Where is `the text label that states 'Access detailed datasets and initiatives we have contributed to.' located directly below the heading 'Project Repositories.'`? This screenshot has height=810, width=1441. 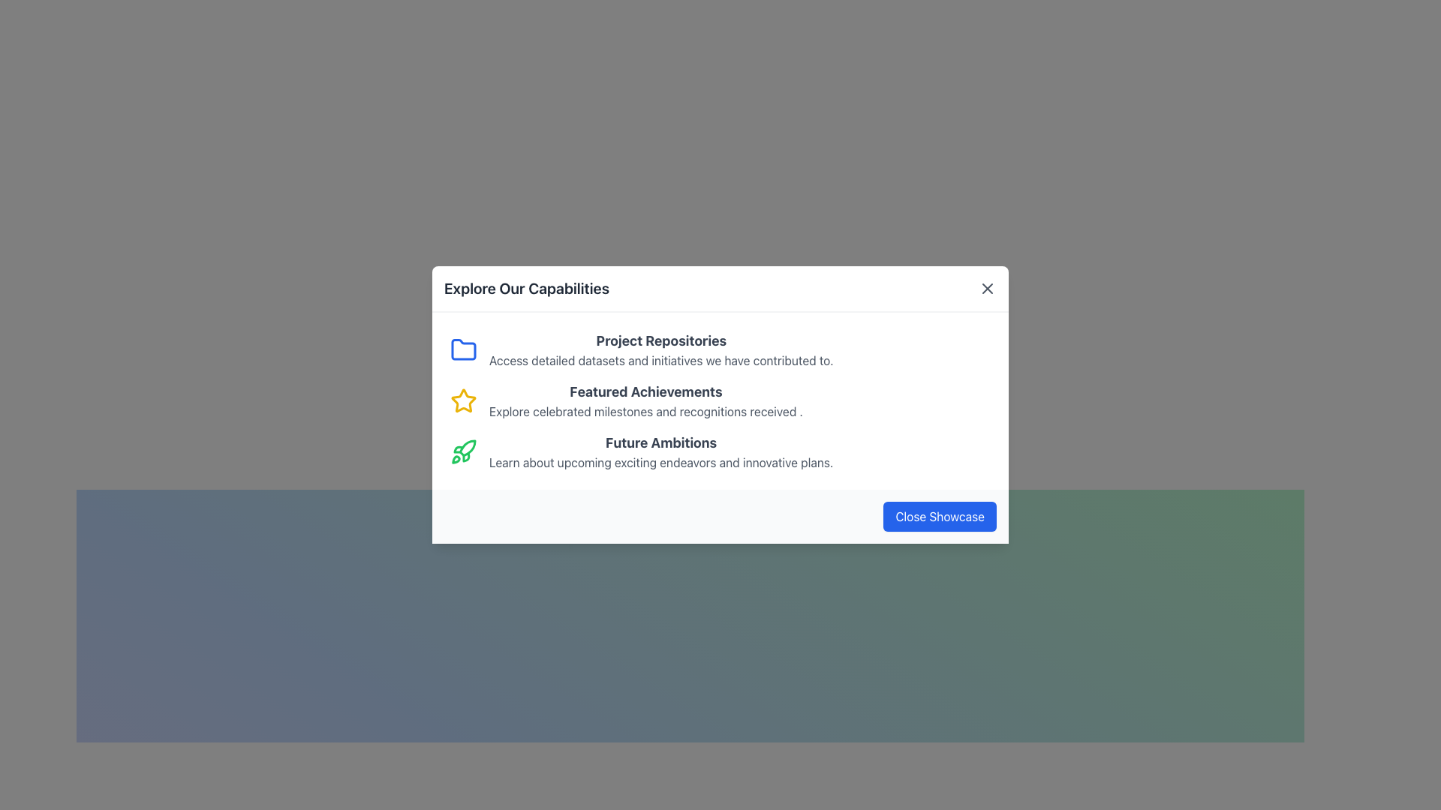
the text label that states 'Access detailed datasets and initiatives we have contributed to.' located directly below the heading 'Project Repositories.' is located at coordinates (660, 361).